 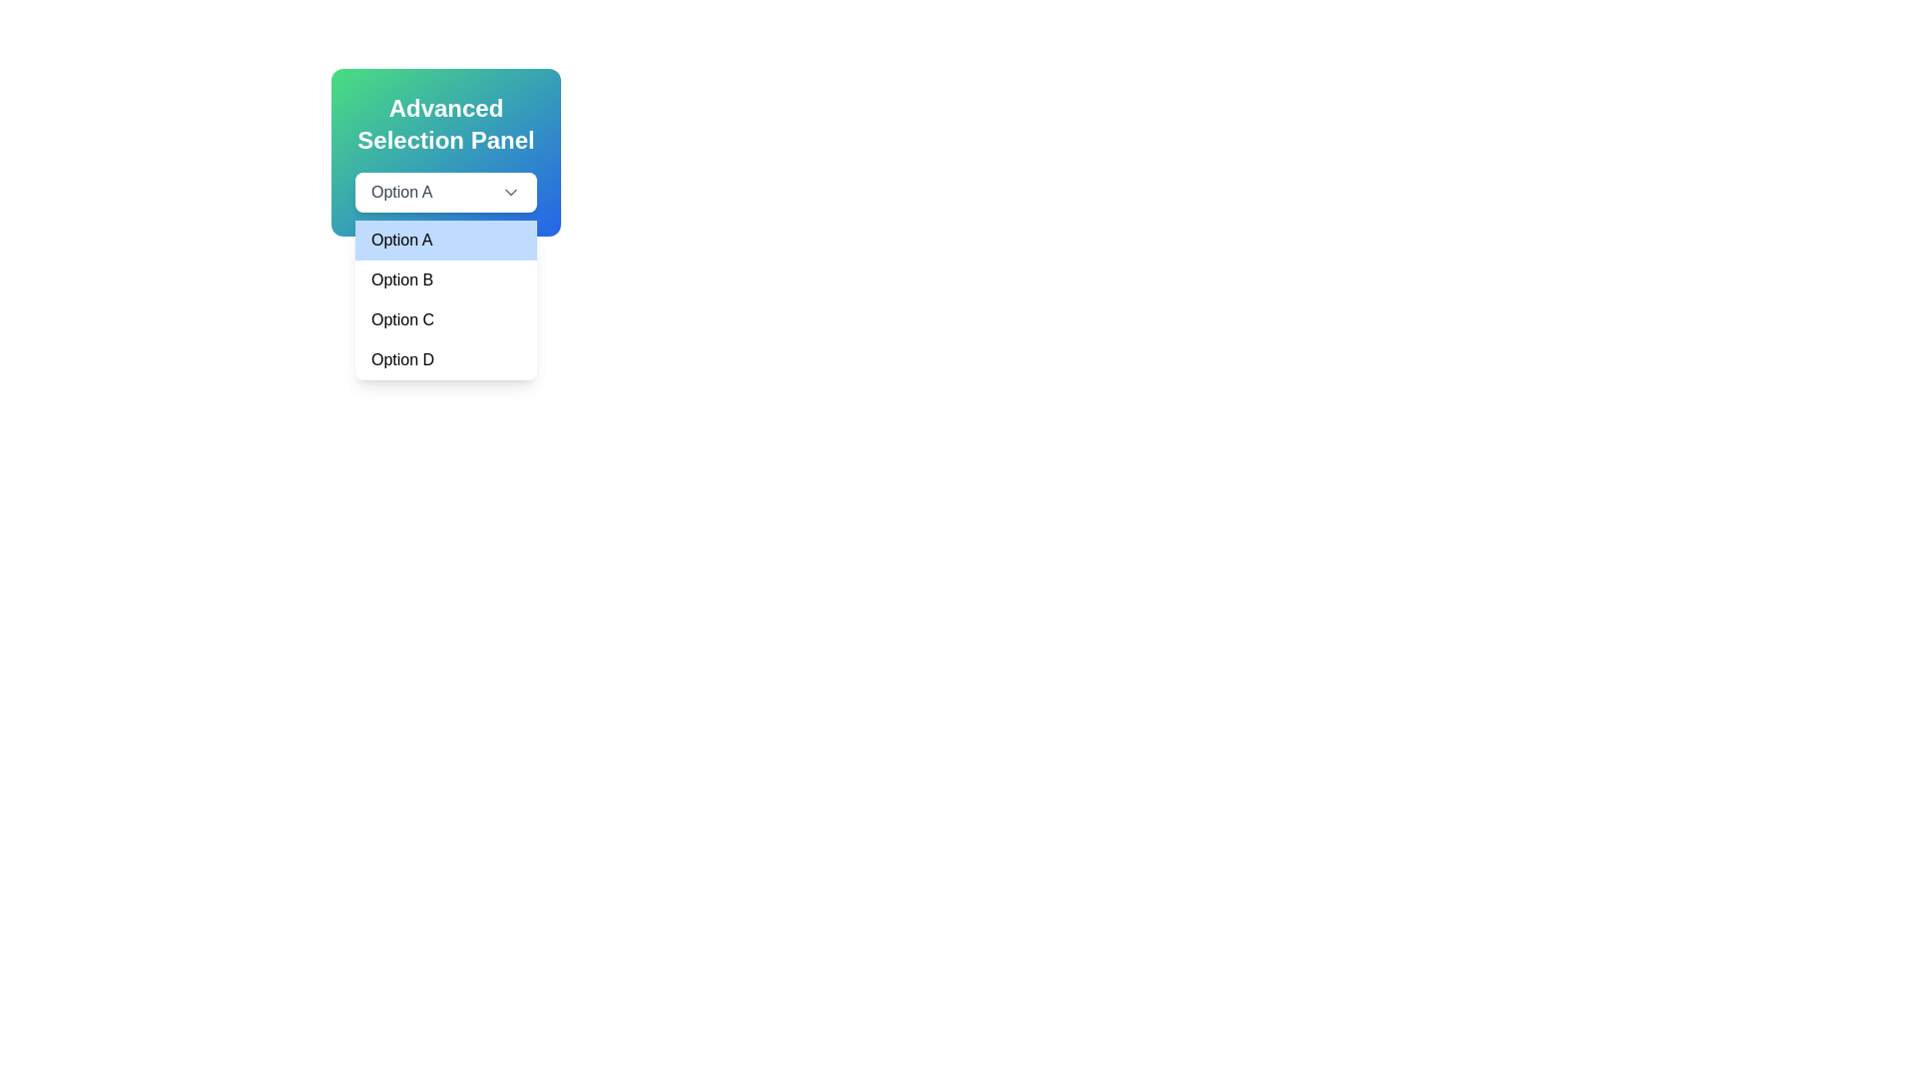 What do you see at coordinates (444, 318) in the screenshot?
I see `the selectable list item labeled 'Option C' in the dropdown menu` at bounding box center [444, 318].